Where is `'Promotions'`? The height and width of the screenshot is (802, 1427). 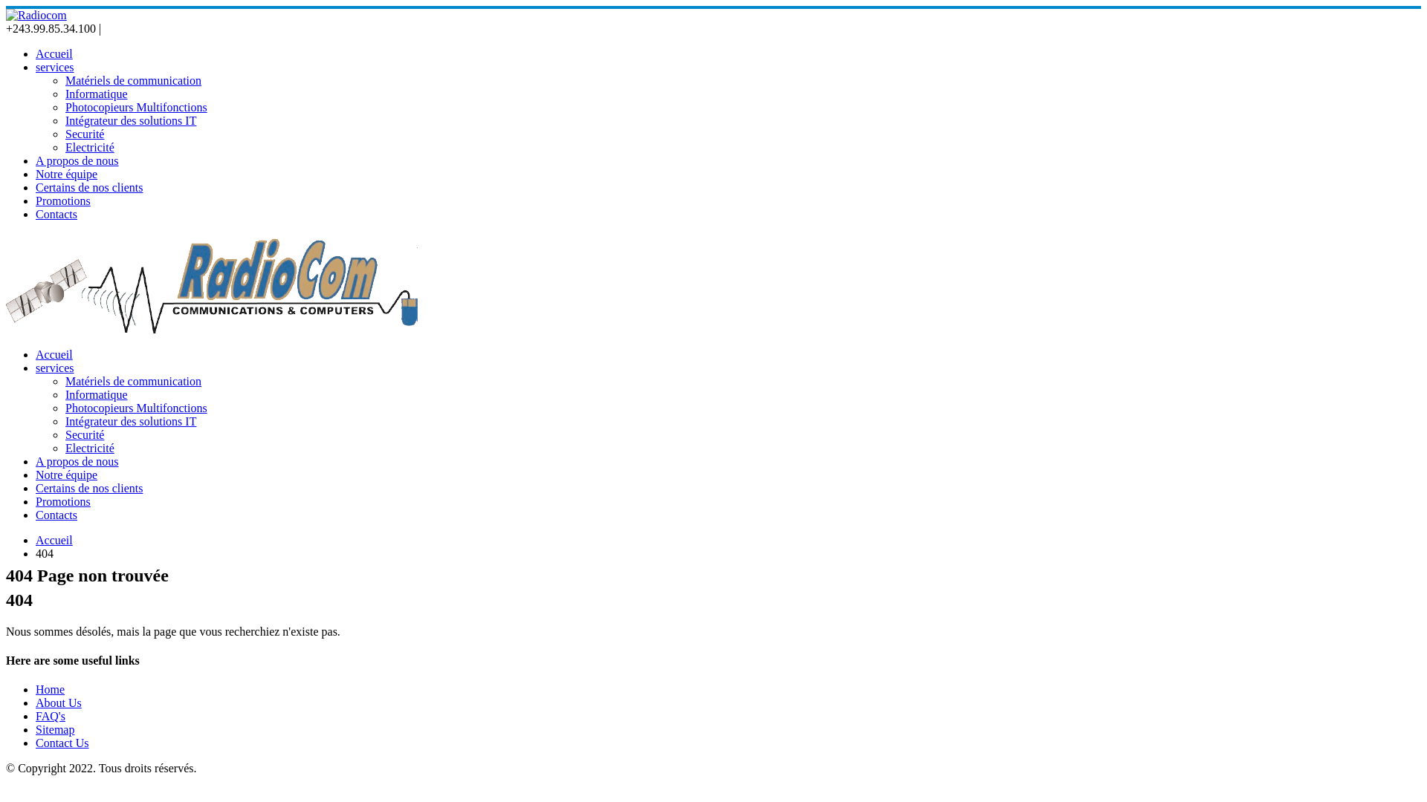 'Promotions' is located at coordinates (62, 501).